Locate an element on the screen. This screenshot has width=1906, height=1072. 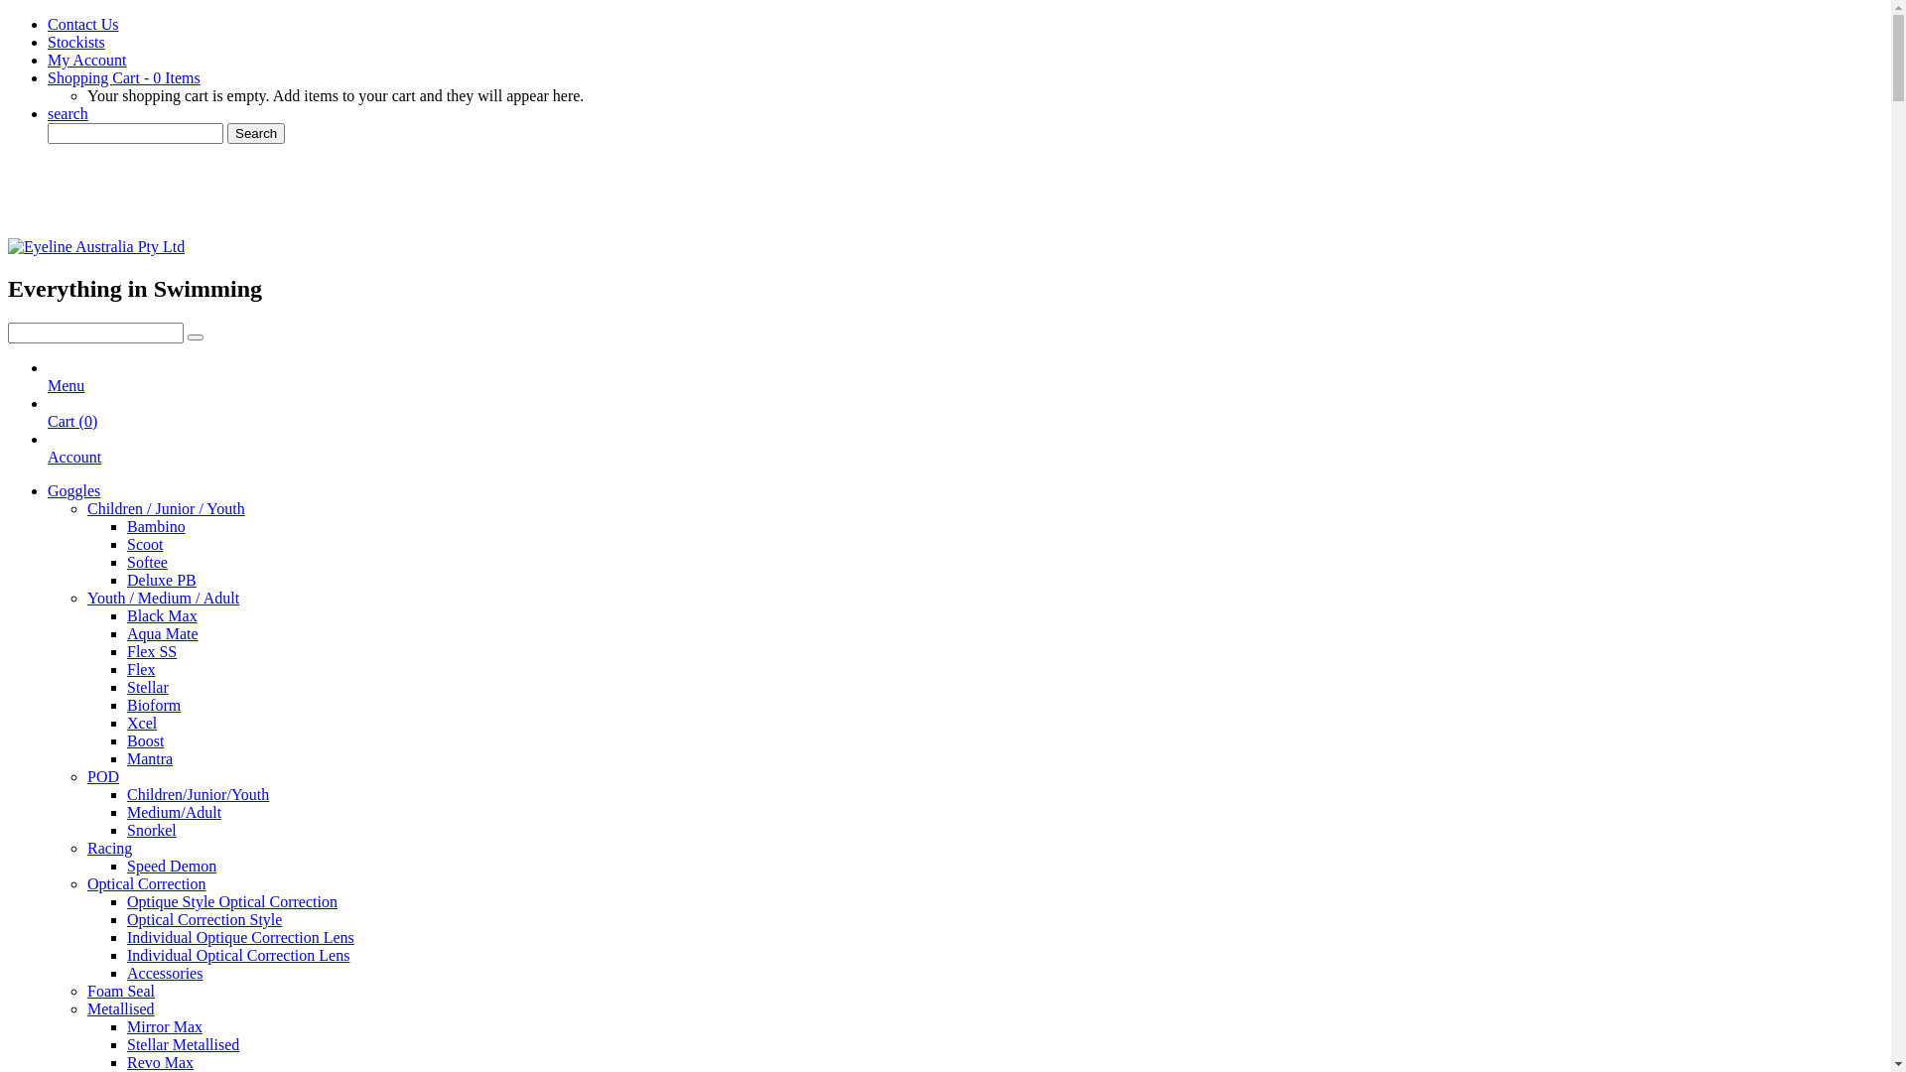
'Black Max' is located at coordinates (162, 614).